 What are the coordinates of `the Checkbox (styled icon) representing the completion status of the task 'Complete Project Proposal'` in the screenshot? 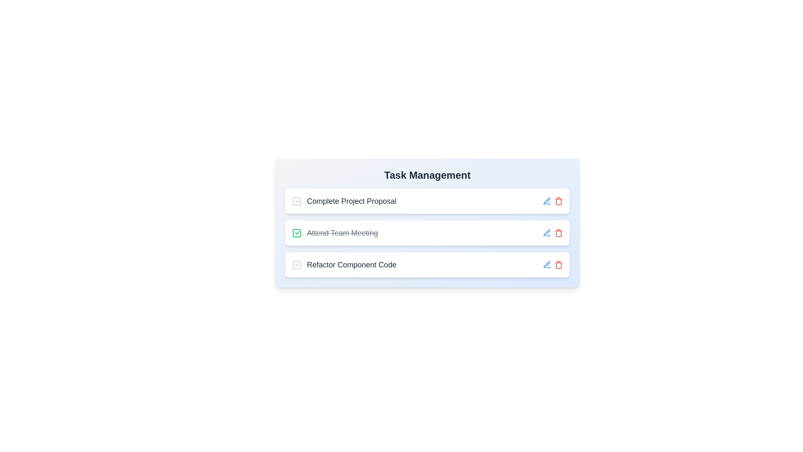 It's located at (297, 201).